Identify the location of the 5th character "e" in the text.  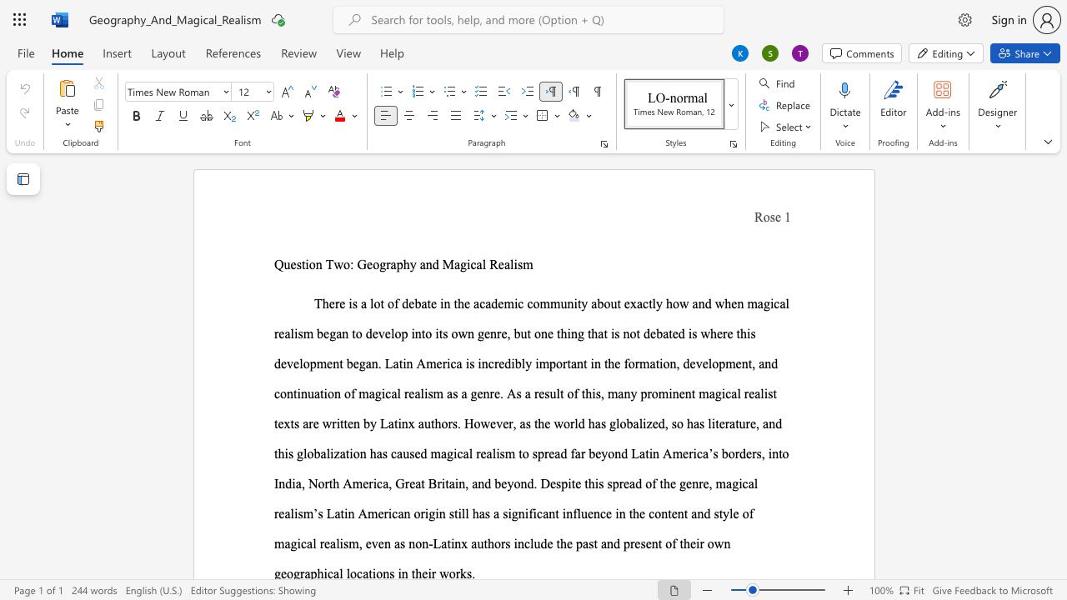
(467, 303).